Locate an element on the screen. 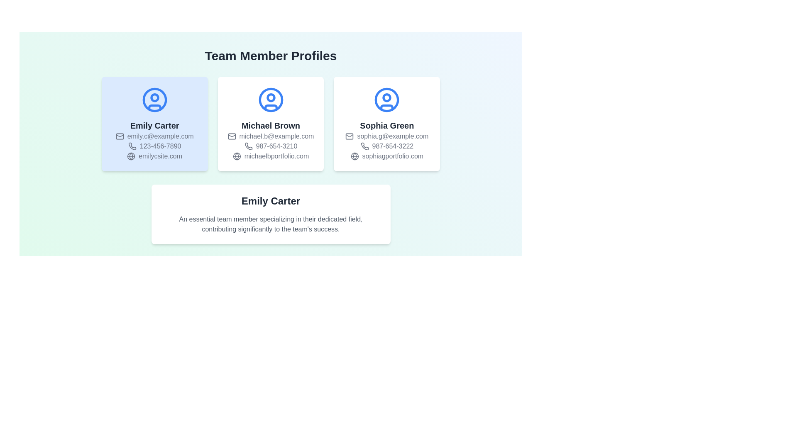 Image resolution: width=797 pixels, height=448 pixels. the email icon located within the card for 'Sophia Green', to the left of her email address is located at coordinates (350, 136).